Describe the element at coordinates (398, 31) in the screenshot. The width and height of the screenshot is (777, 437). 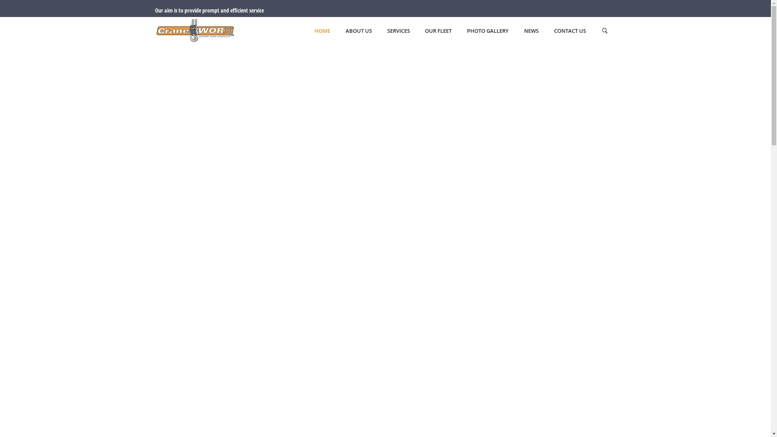
I see `'SERVICES'` at that location.